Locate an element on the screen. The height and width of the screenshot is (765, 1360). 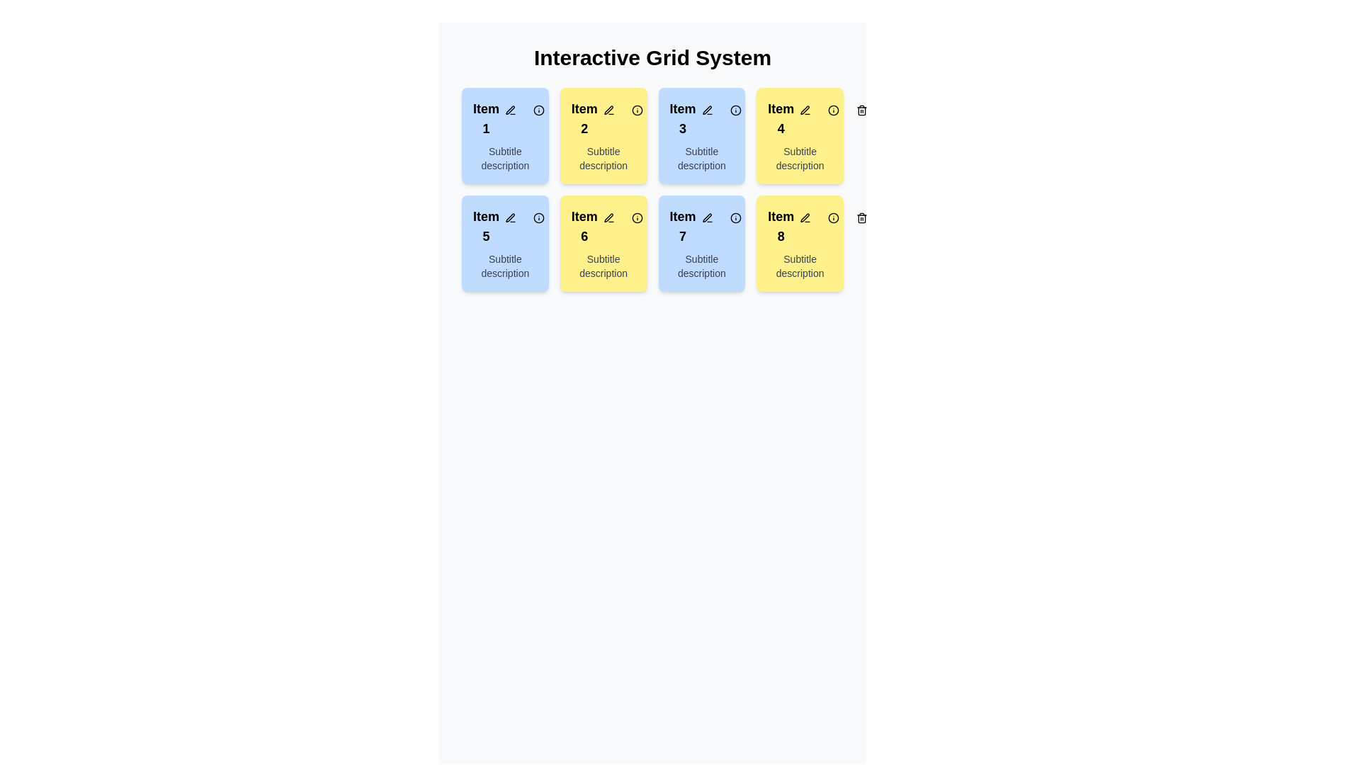
the UI card component displaying information about 'Item 3', located in the first row and third column of the grid is located at coordinates (701, 136).